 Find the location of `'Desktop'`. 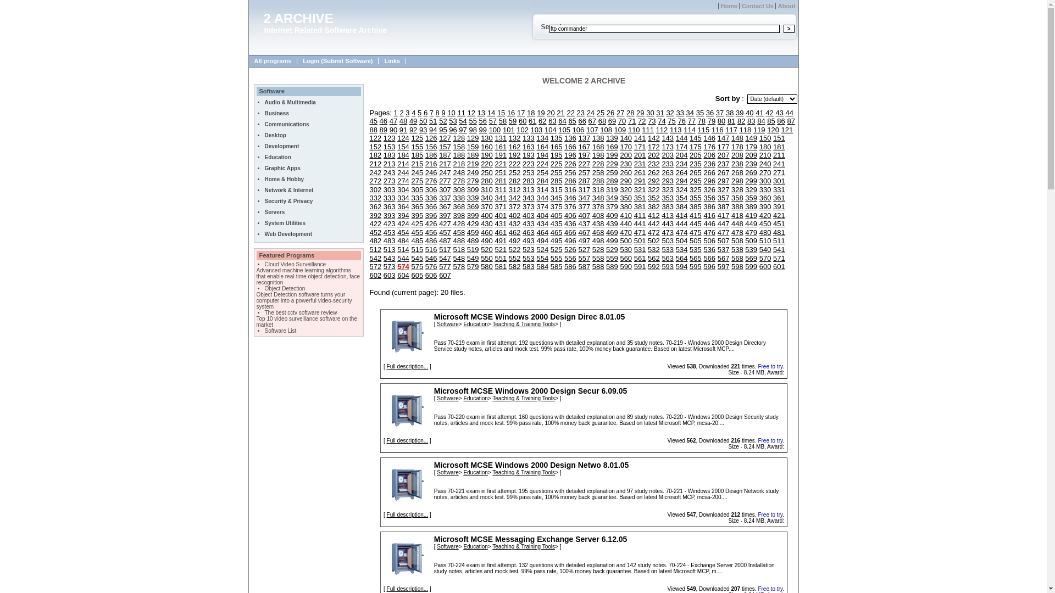

'Desktop' is located at coordinates (275, 135).